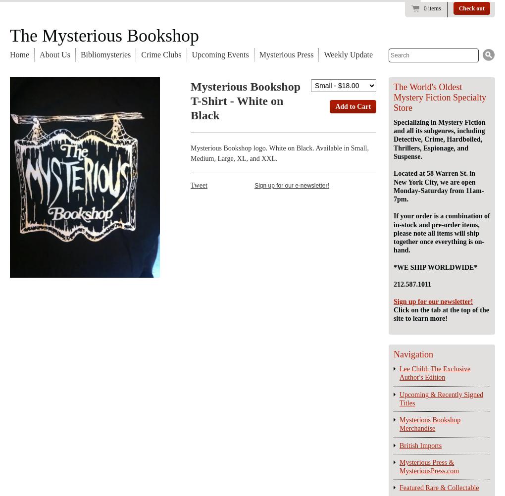 The width and height of the screenshot is (505, 496). Describe the element at coordinates (429, 424) in the screenshot. I see `'Mysterious Bookshop Merchandise'` at that location.